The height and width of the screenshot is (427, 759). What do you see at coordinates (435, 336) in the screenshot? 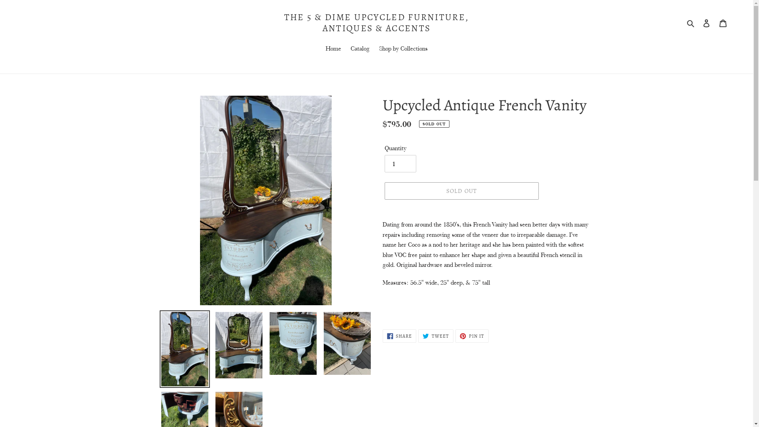
I see `'TWEET` at bounding box center [435, 336].